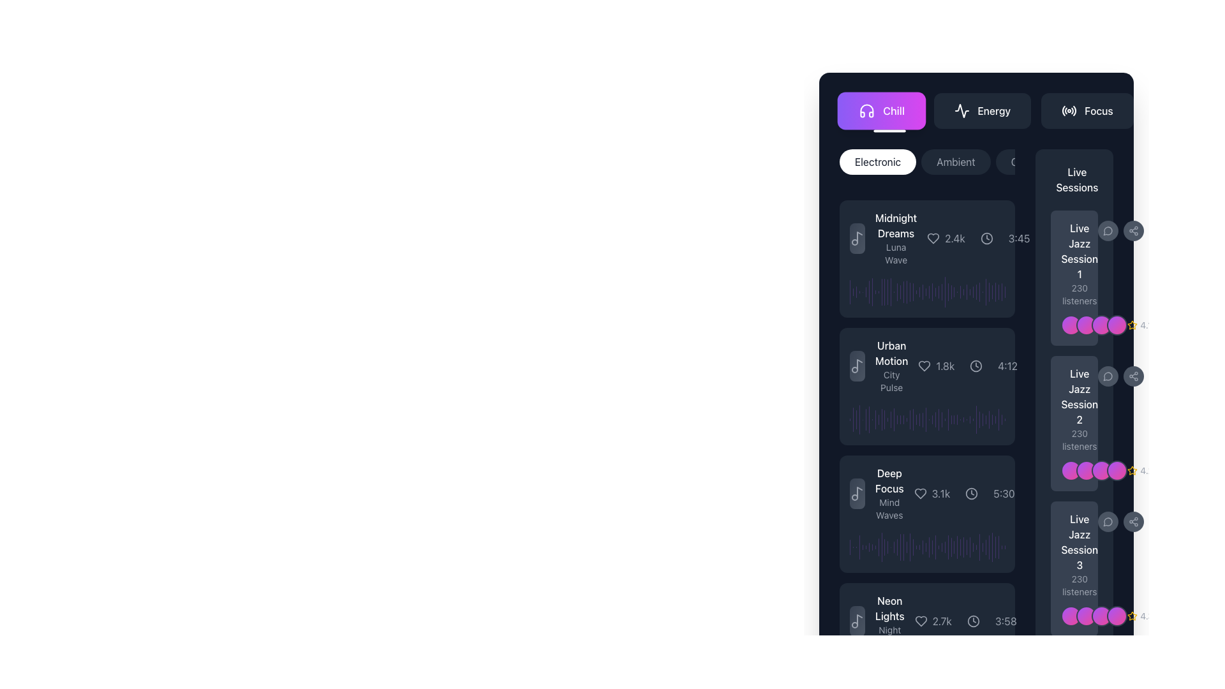 Image resolution: width=1225 pixels, height=689 pixels. I want to click on displayed information from the second text block within the 'Live Sessions' group, which provides details about a specific live session, so click(1074, 409).